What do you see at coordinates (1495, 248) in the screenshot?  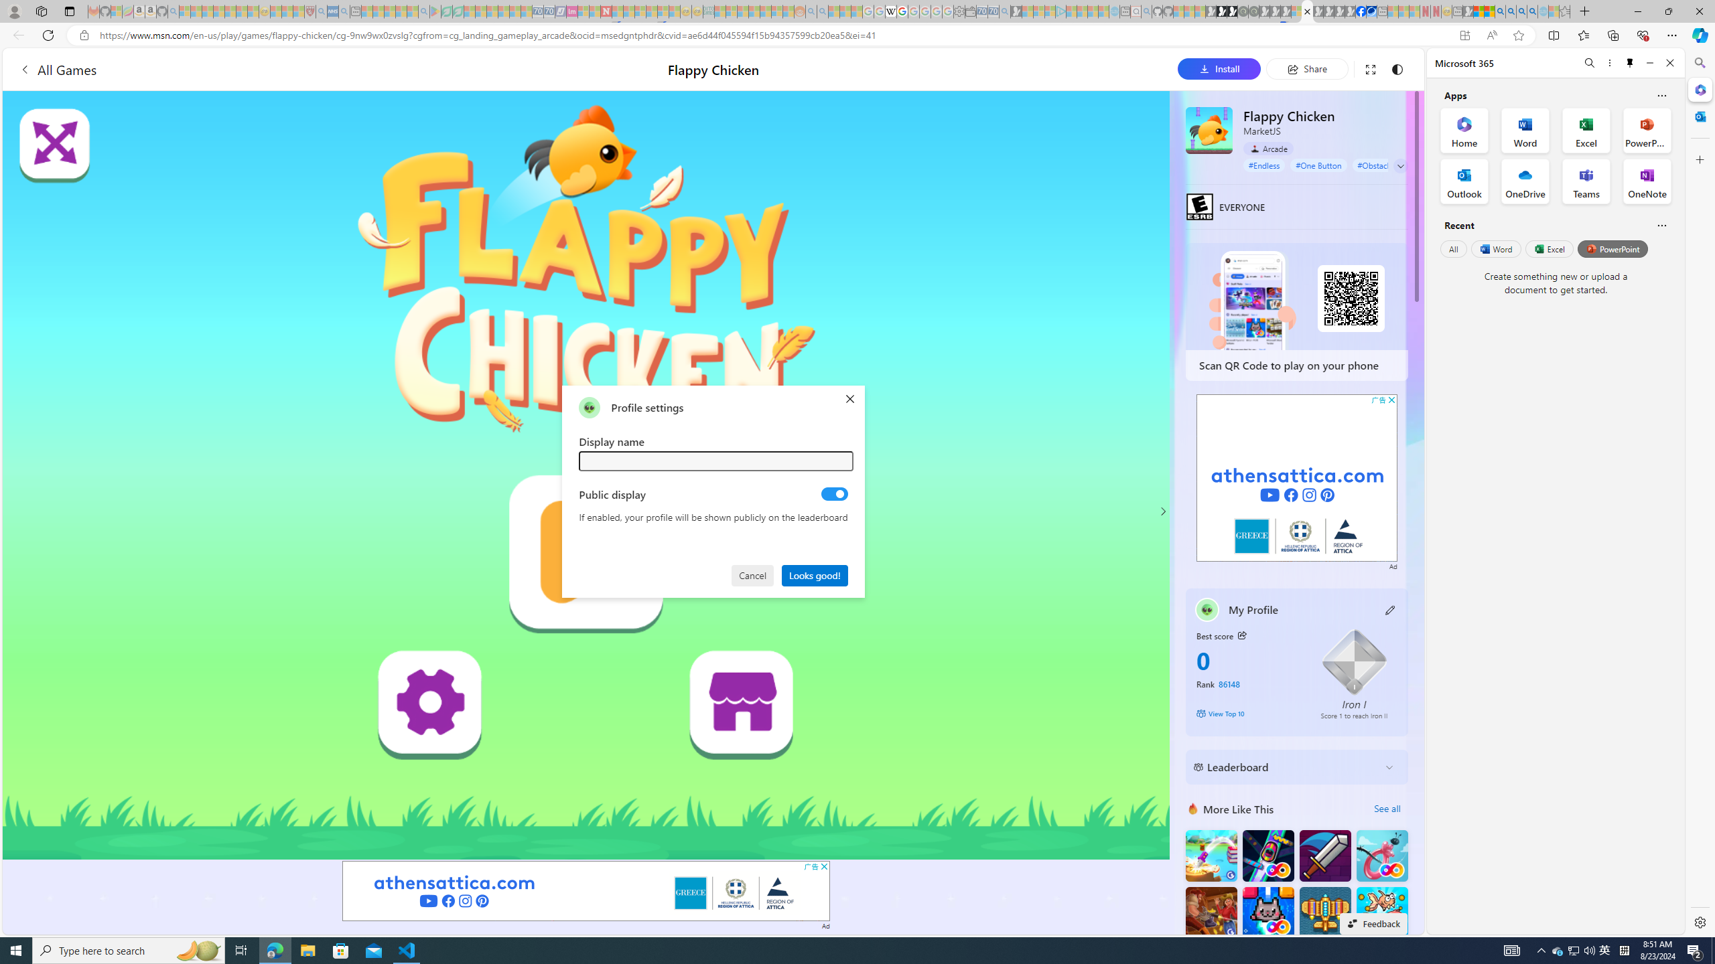 I see `'Word'` at bounding box center [1495, 248].